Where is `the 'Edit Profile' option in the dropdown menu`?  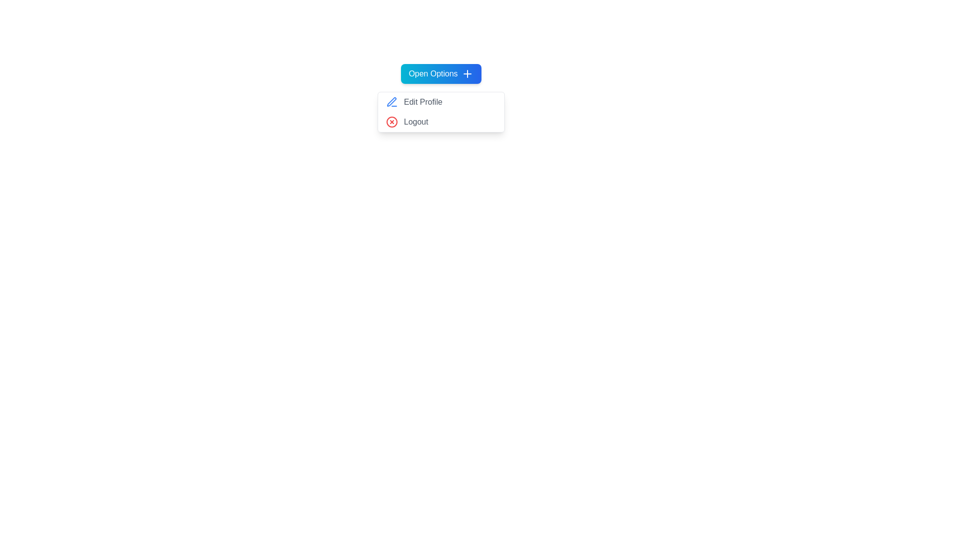
the 'Edit Profile' option in the dropdown menu is located at coordinates (441, 102).